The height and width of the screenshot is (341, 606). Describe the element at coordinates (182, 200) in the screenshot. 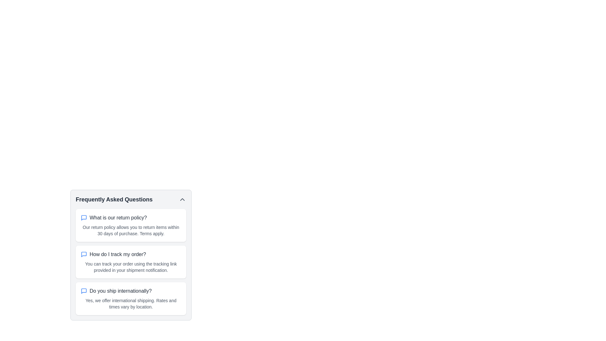

I see `the upward-facing chevron icon located to the right of the 'Frequently Asked Questions' heading` at that location.